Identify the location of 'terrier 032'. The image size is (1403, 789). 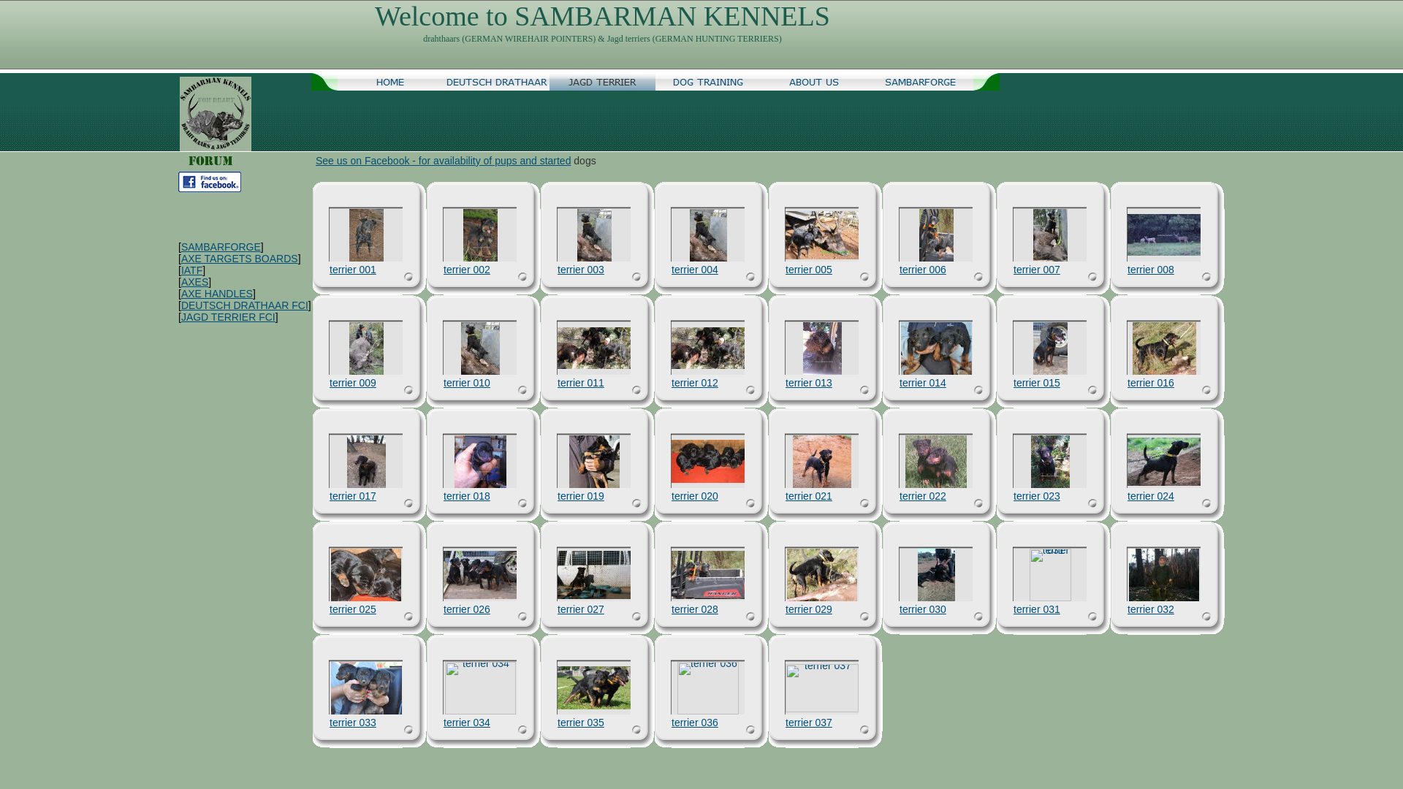
(1149, 609).